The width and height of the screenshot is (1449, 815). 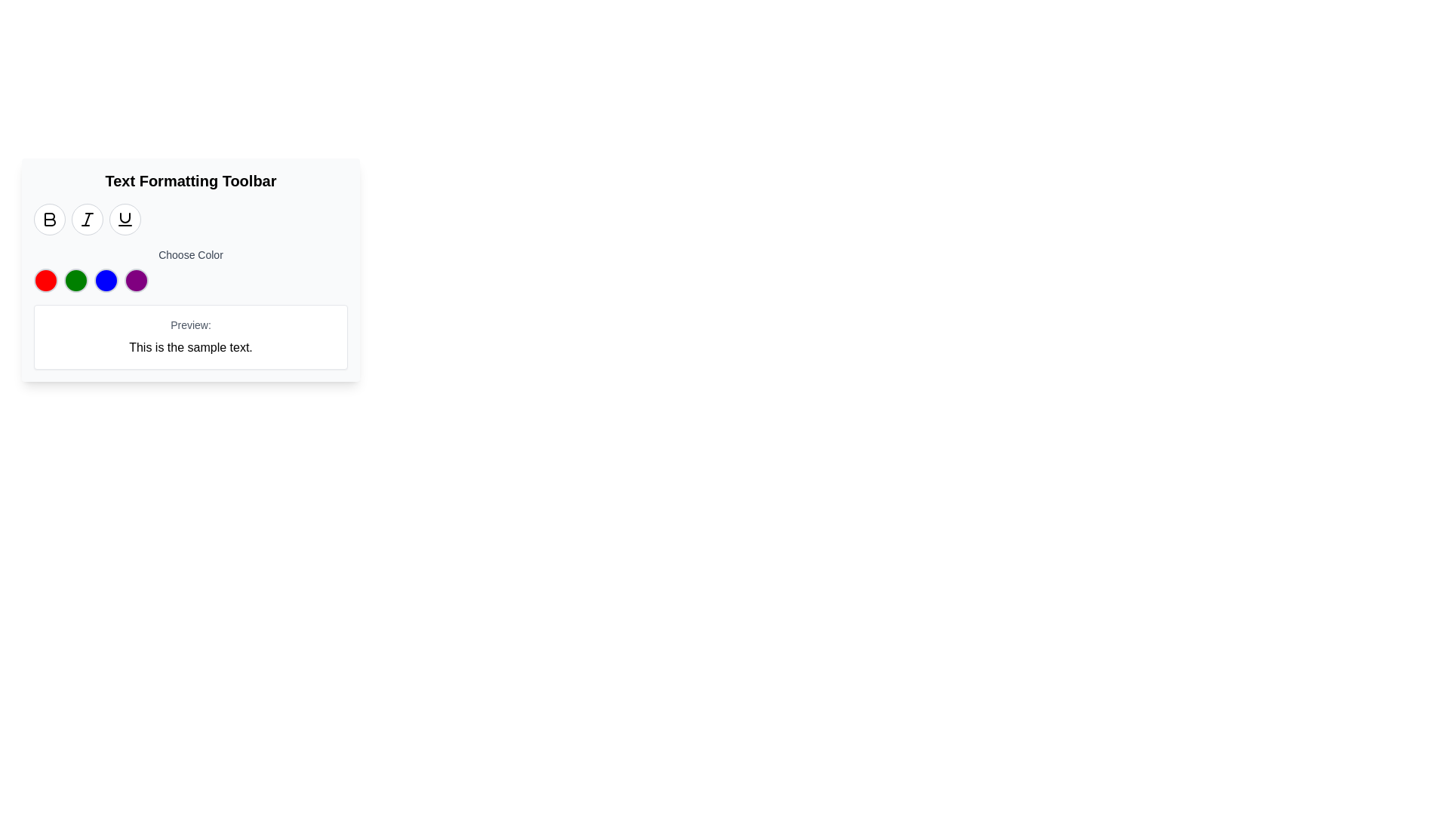 What do you see at coordinates (125, 219) in the screenshot?
I see `the circular button with a white background and a gray border, which features an icon resembling a letter 'U' for underline functionality, to observe visual feedback` at bounding box center [125, 219].